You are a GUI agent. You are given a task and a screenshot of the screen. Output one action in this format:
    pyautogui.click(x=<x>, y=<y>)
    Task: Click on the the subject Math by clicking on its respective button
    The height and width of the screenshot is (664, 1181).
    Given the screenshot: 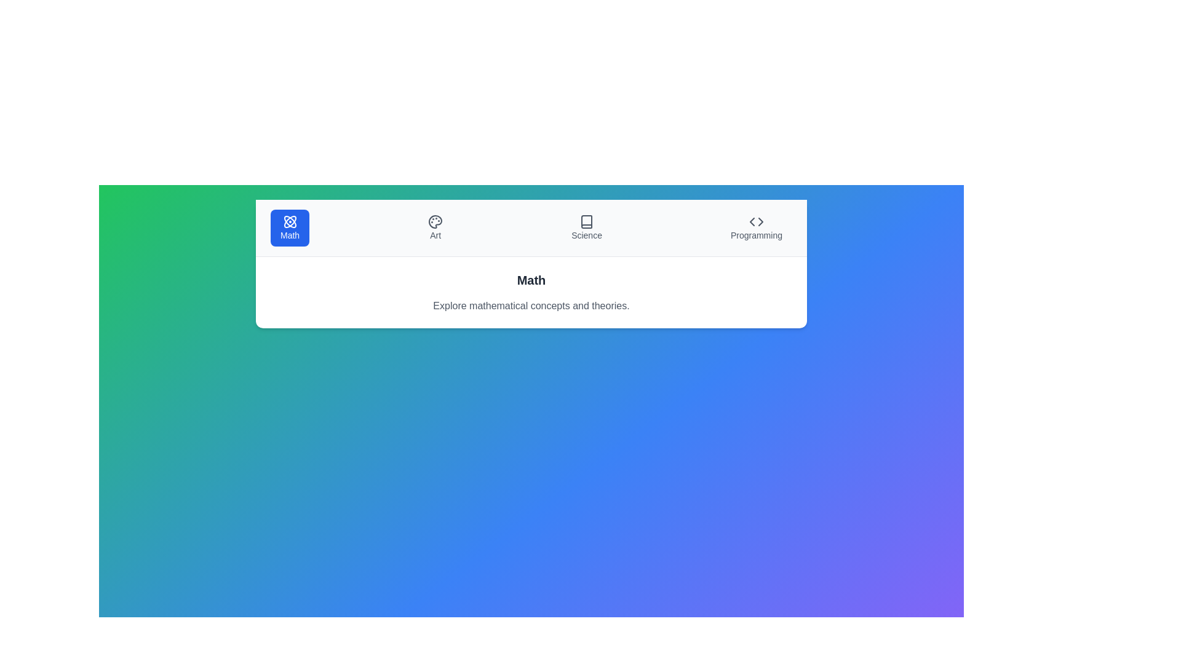 What is the action you would take?
    pyautogui.click(x=289, y=227)
    